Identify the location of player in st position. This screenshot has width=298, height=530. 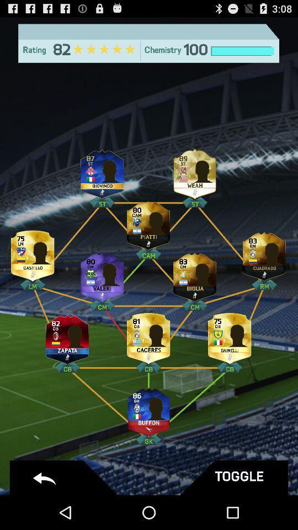
(194, 172).